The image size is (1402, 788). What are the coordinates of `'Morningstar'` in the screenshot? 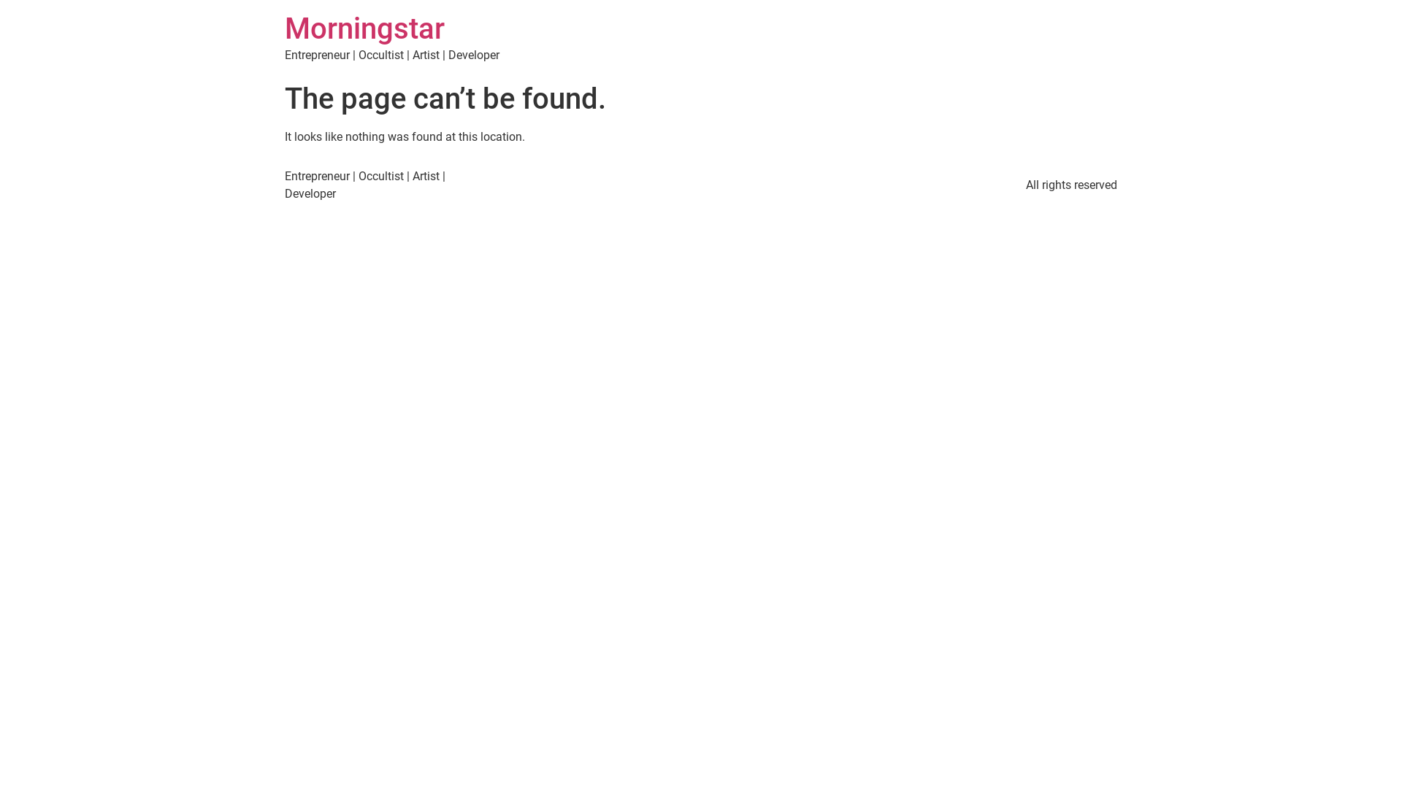 It's located at (364, 28).